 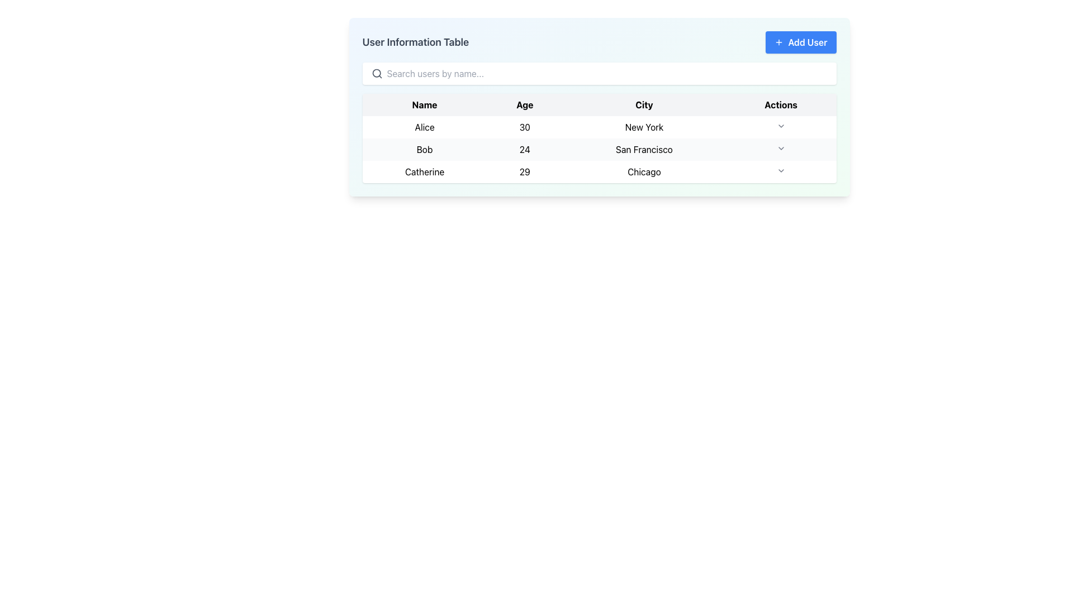 What do you see at coordinates (424, 149) in the screenshot?
I see `the static text label displaying 'Bob' located in the second row of the 'Name' column in the table` at bounding box center [424, 149].